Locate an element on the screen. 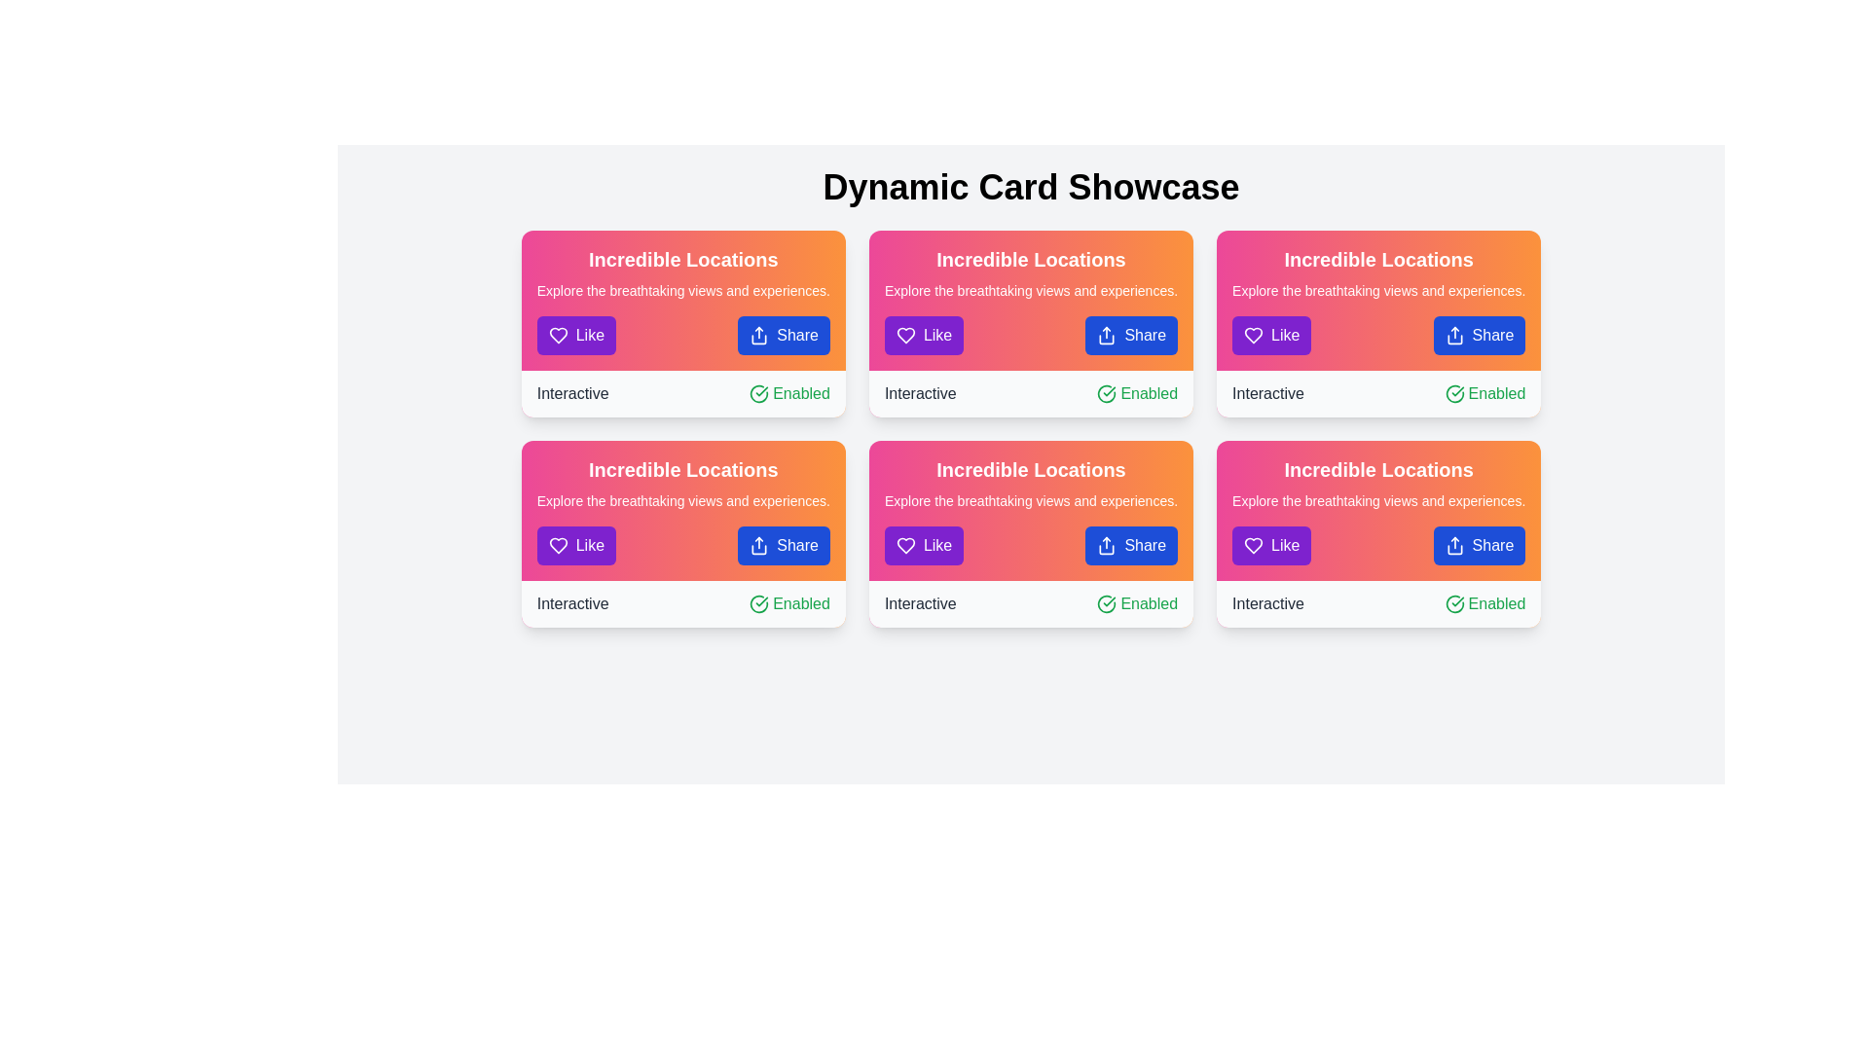 Image resolution: width=1869 pixels, height=1051 pixels. the 'Like' button located at the bottom of the card to change its shade is located at coordinates (1271, 545).